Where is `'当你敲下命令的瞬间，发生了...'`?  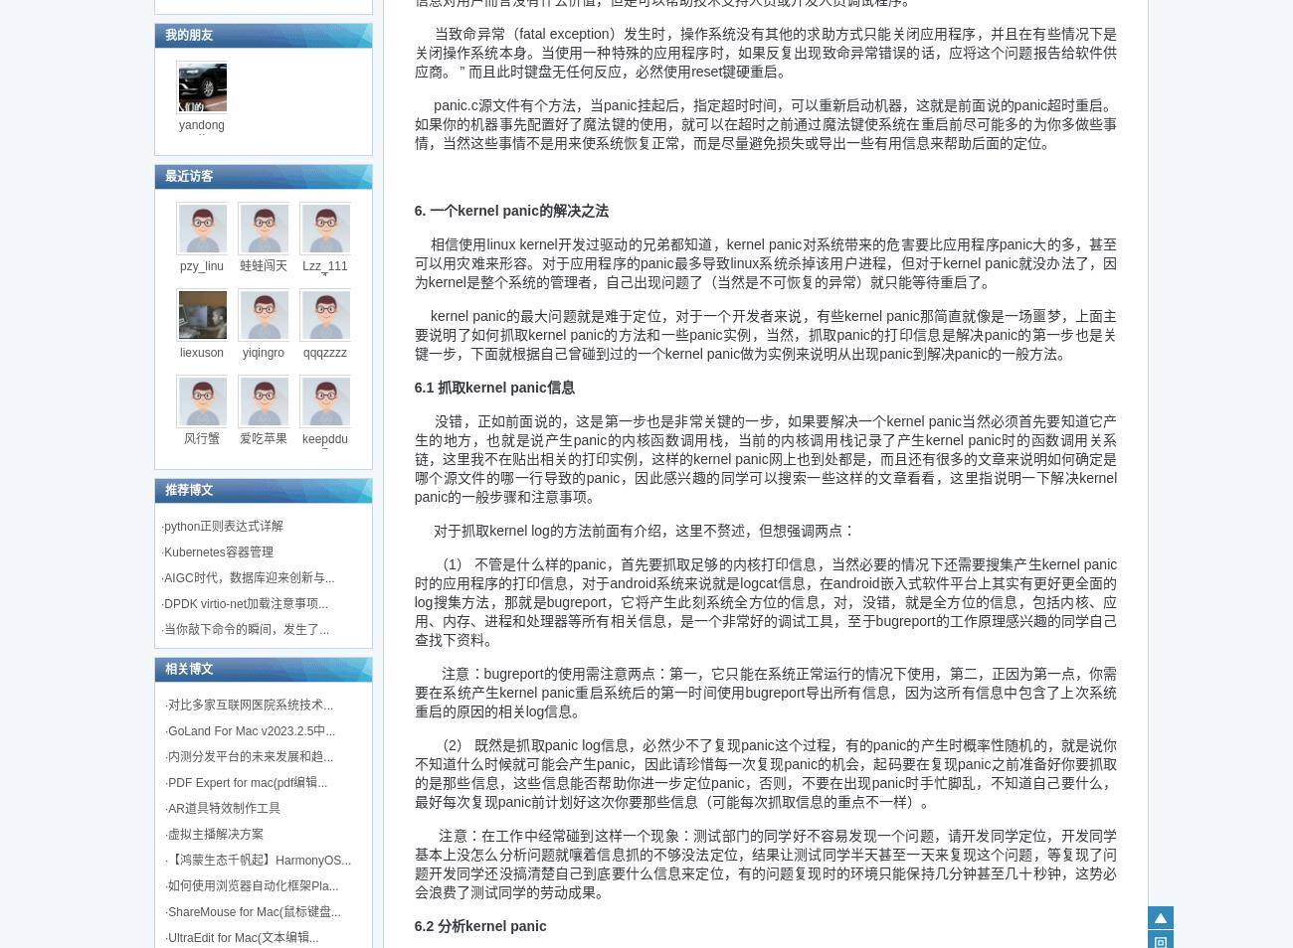
'当你敲下命令的瞬间，发生了...' is located at coordinates (246, 629).